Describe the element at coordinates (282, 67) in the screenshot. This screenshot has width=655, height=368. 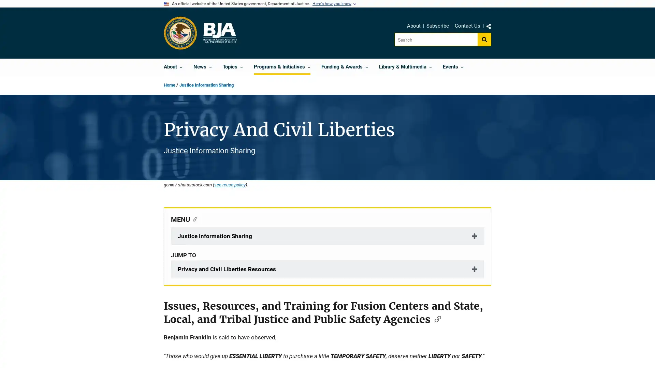
I see `Programs & Initiatives` at that location.